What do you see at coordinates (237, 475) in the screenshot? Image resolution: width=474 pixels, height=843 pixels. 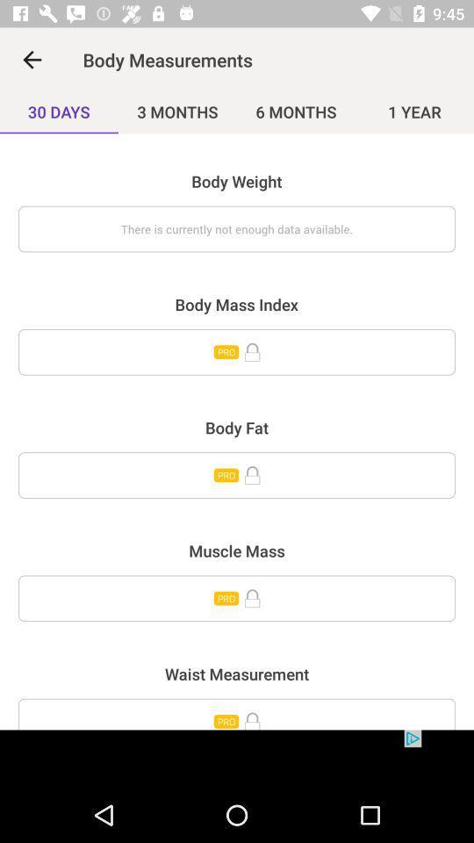 I see `lock option` at bounding box center [237, 475].